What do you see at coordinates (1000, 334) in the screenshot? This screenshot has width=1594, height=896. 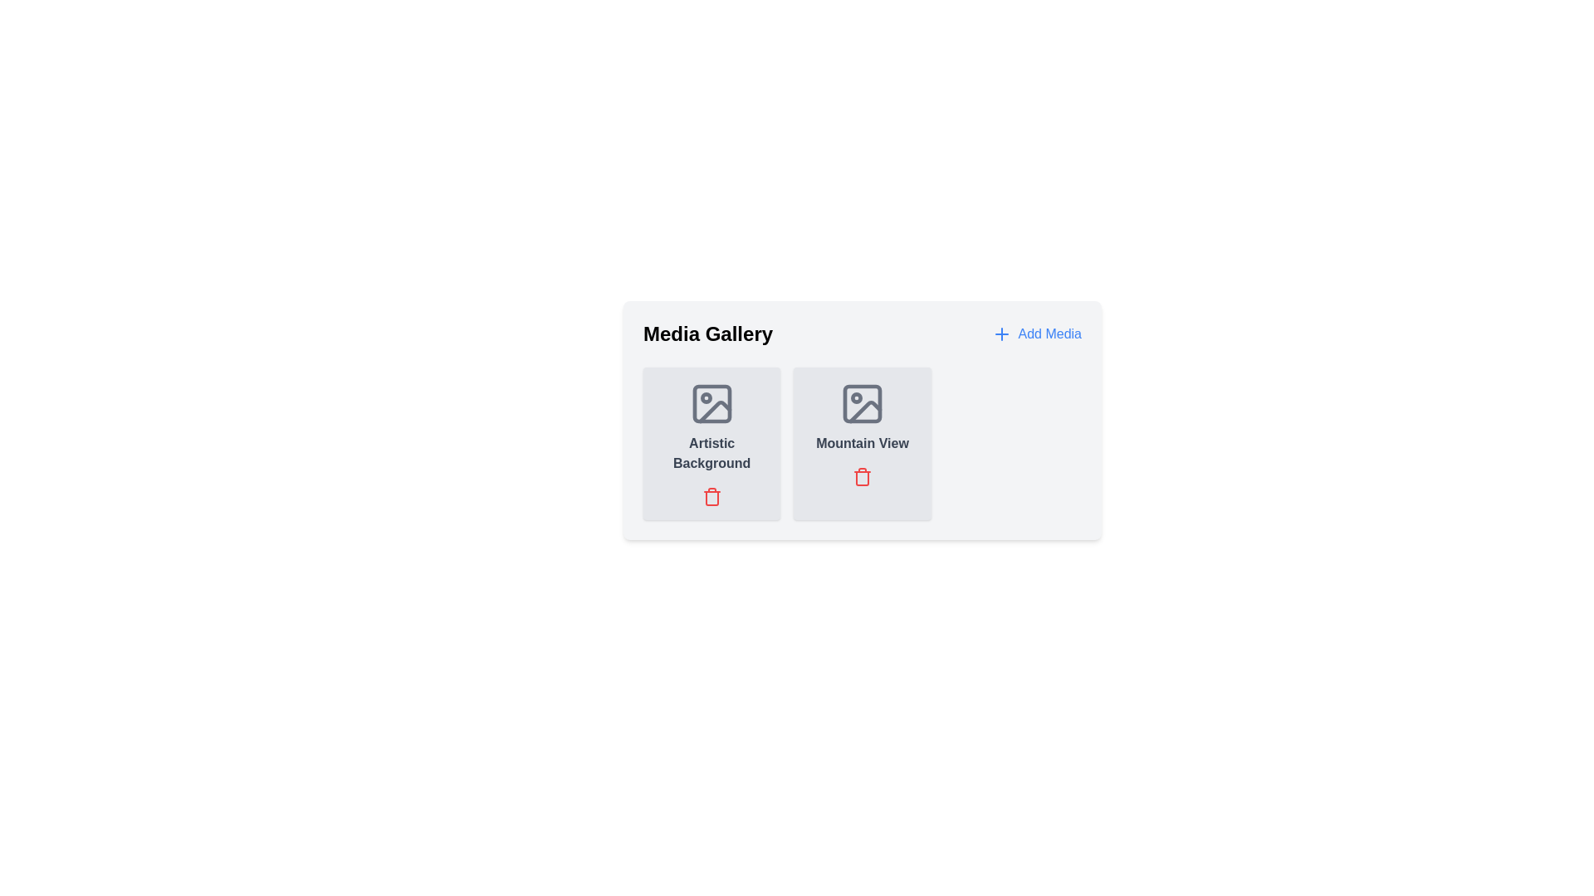 I see `the small plus-shaped icon located to the left of the 'Add Media' text in the upper-right corner of the 'Media Gallery' section` at bounding box center [1000, 334].